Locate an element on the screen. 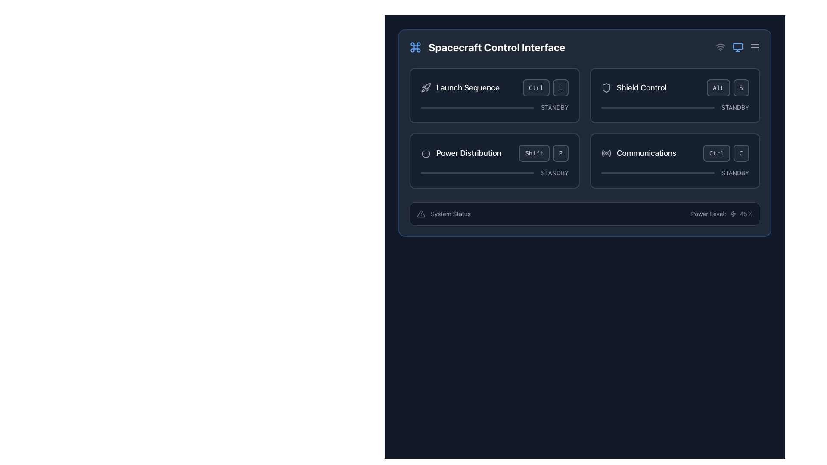 Image resolution: width=827 pixels, height=465 pixels. the key bindings 'Alt' and 'S' on the Interactive control card labeled 'Shield Control', which is the second card in the top-right corner of the grid layout is located at coordinates (675, 96).